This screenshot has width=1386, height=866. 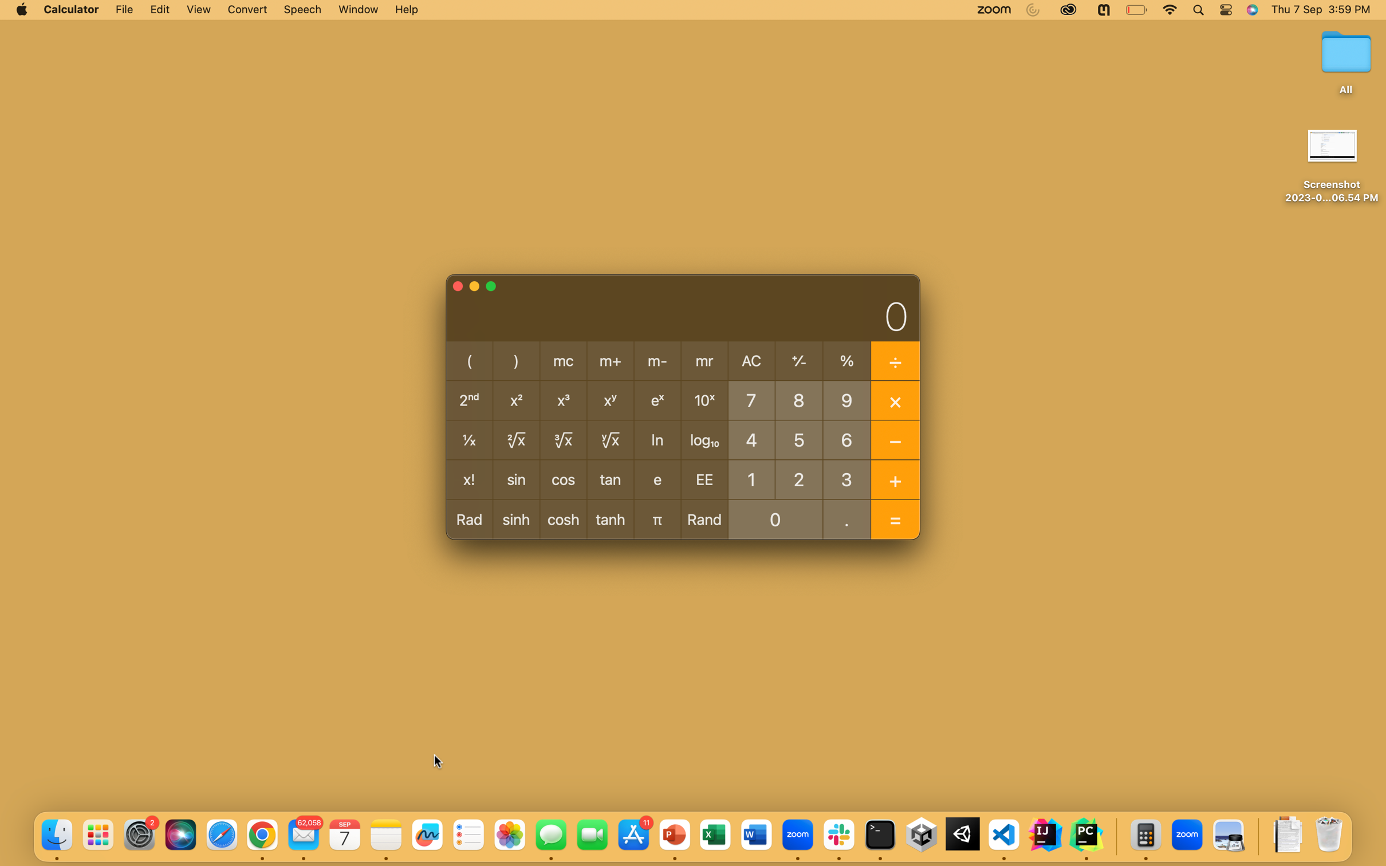 What do you see at coordinates (751, 478) in the screenshot?
I see `Determine the value of ln(10)` at bounding box center [751, 478].